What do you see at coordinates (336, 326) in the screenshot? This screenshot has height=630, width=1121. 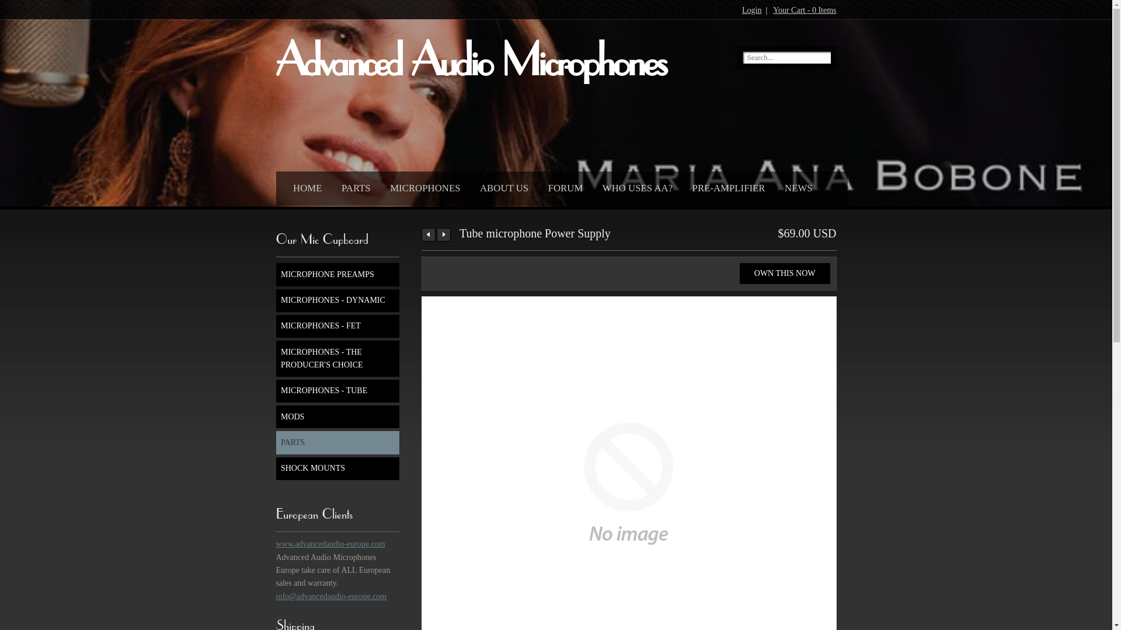 I see `'MICROPHONES - FET'` at bounding box center [336, 326].